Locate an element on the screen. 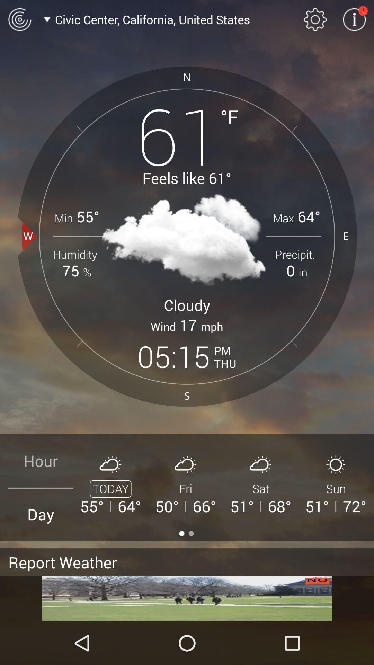 This screenshot has height=665, width=374. locate me is located at coordinates (19, 19).